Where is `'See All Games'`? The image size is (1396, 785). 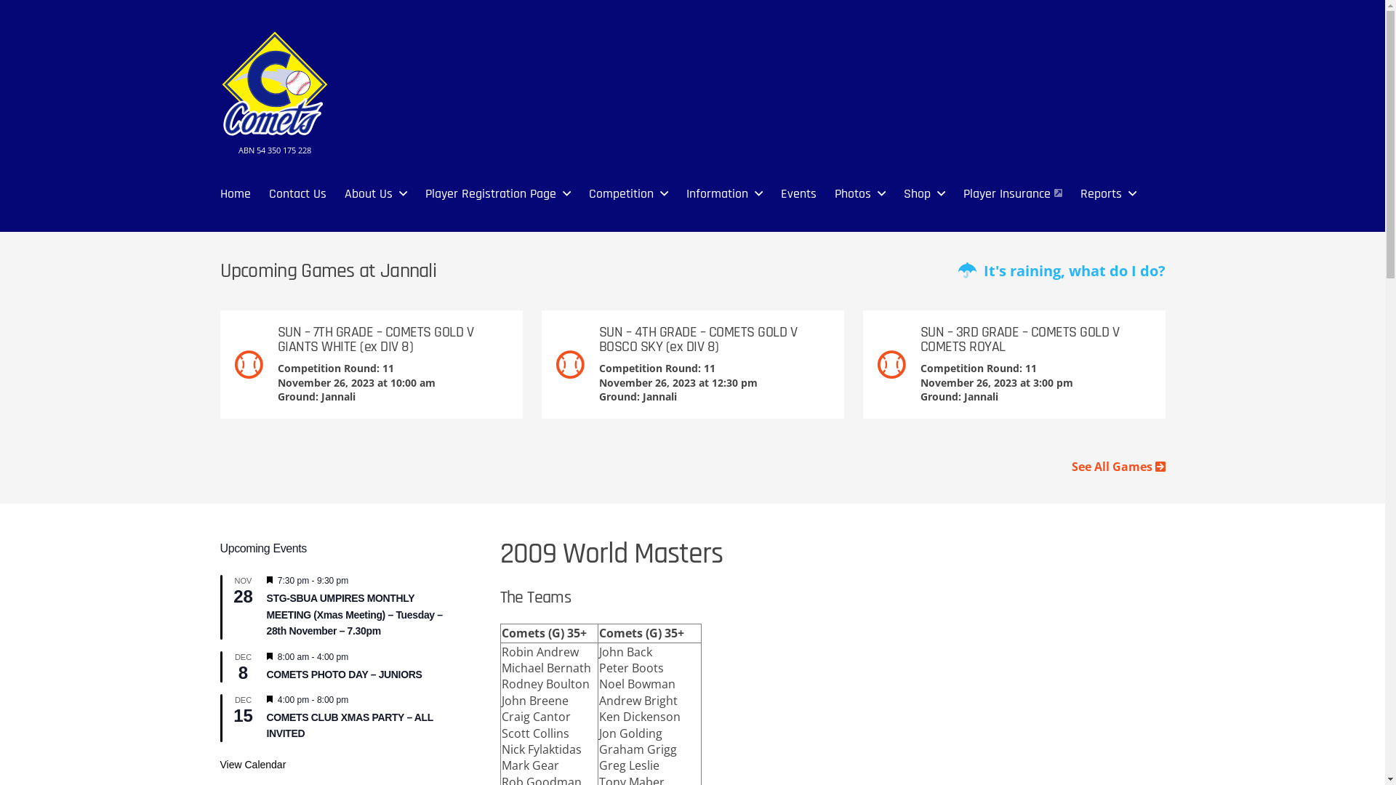 'See All Games' is located at coordinates (1118, 466).